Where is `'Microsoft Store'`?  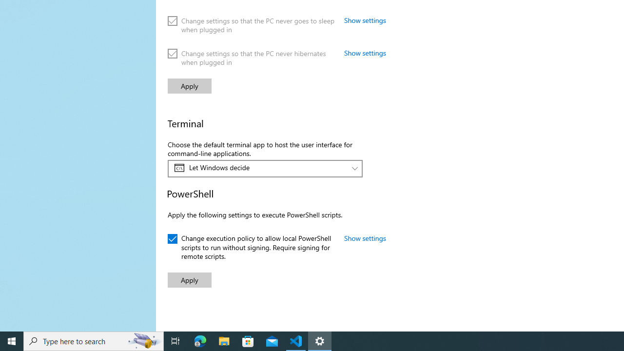 'Microsoft Store' is located at coordinates (248, 340).